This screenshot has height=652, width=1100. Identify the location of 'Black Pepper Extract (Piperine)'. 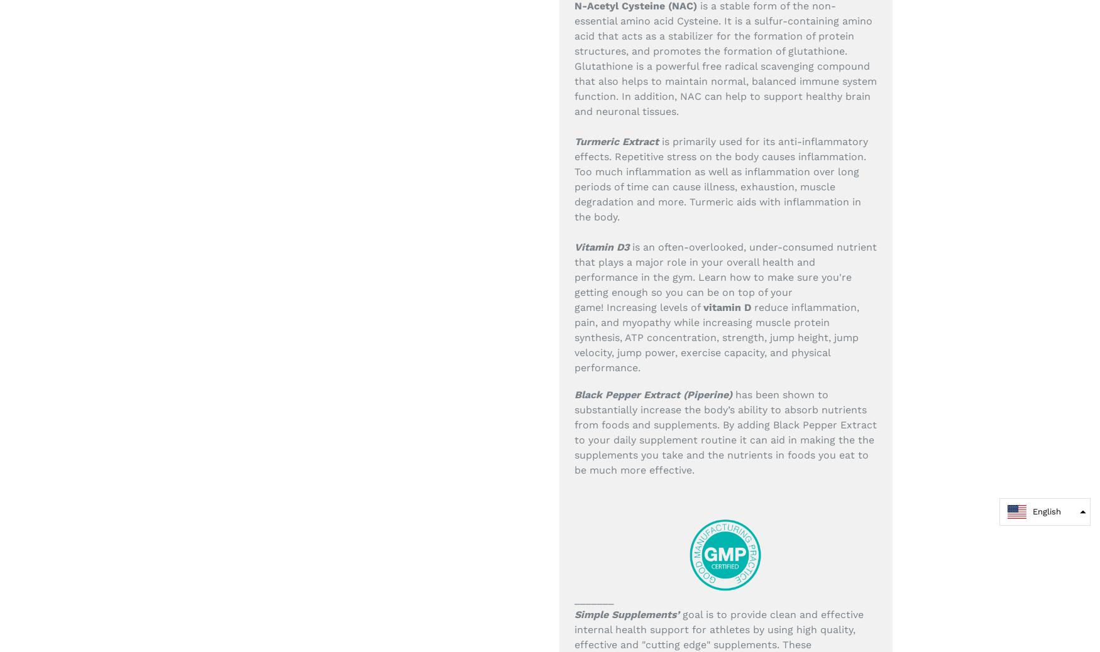
(652, 394).